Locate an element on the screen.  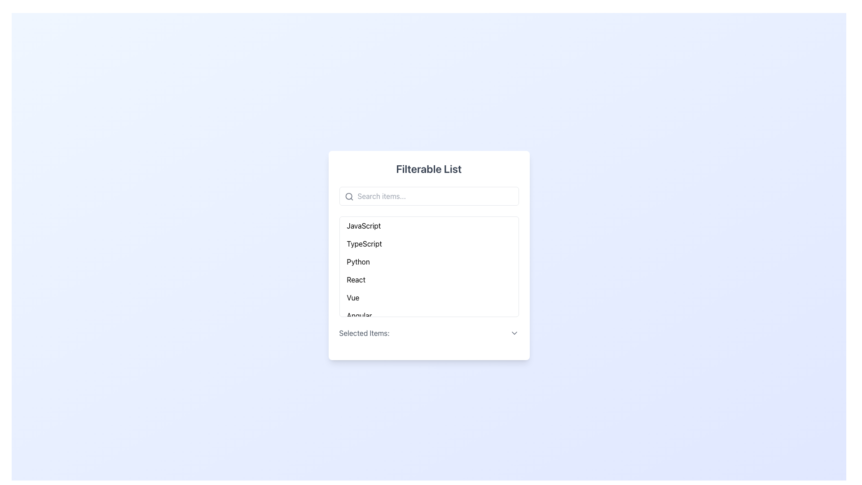
the fifth item in the filterable list is located at coordinates (352, 298).